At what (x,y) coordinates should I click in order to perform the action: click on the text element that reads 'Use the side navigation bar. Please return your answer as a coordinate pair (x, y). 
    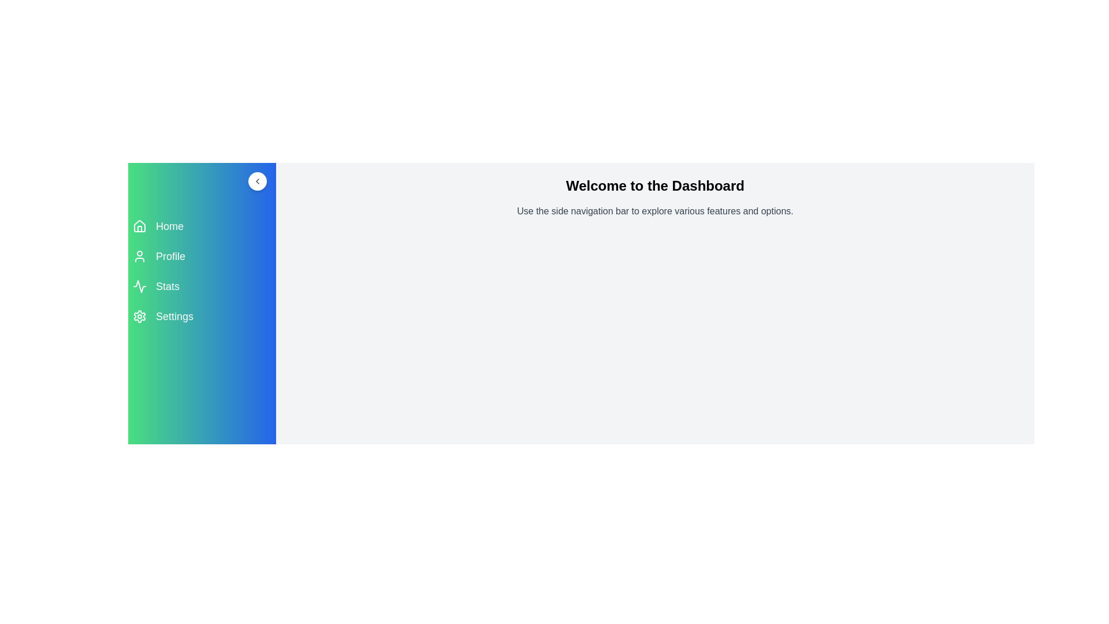
    Looking at the image, I should click on (655, 211).